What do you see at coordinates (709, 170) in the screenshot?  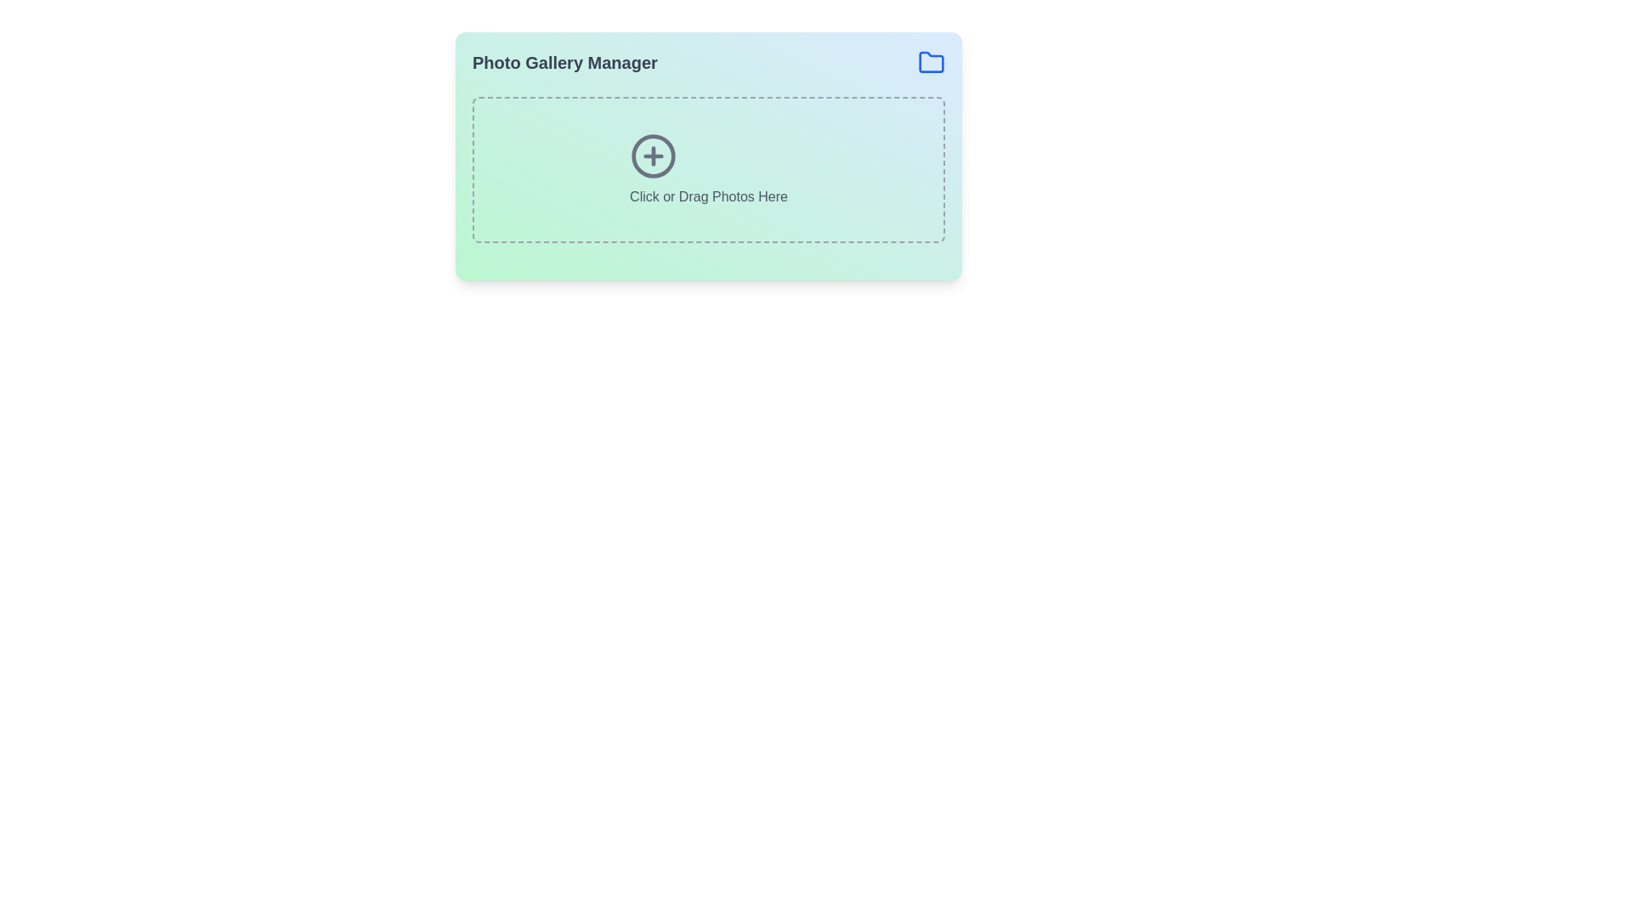 I see `the Drop Zone element below the title 'Photo Gallery Manager'` at bounding box center [709, 170].